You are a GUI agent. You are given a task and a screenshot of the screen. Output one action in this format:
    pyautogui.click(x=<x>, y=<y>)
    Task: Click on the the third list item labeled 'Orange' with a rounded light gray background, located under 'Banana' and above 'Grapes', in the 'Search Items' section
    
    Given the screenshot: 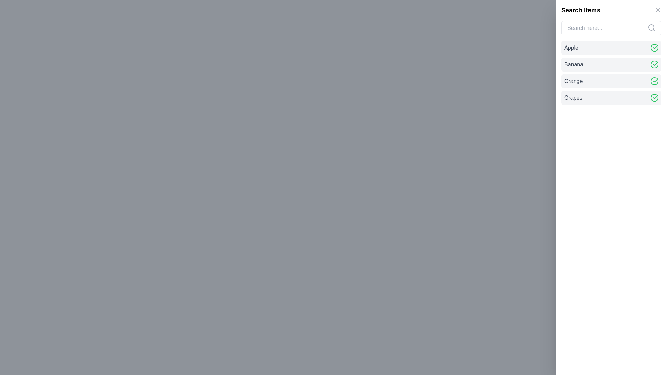 What is the action you would take?
    pyautogui.click(x=611, y=81)
    